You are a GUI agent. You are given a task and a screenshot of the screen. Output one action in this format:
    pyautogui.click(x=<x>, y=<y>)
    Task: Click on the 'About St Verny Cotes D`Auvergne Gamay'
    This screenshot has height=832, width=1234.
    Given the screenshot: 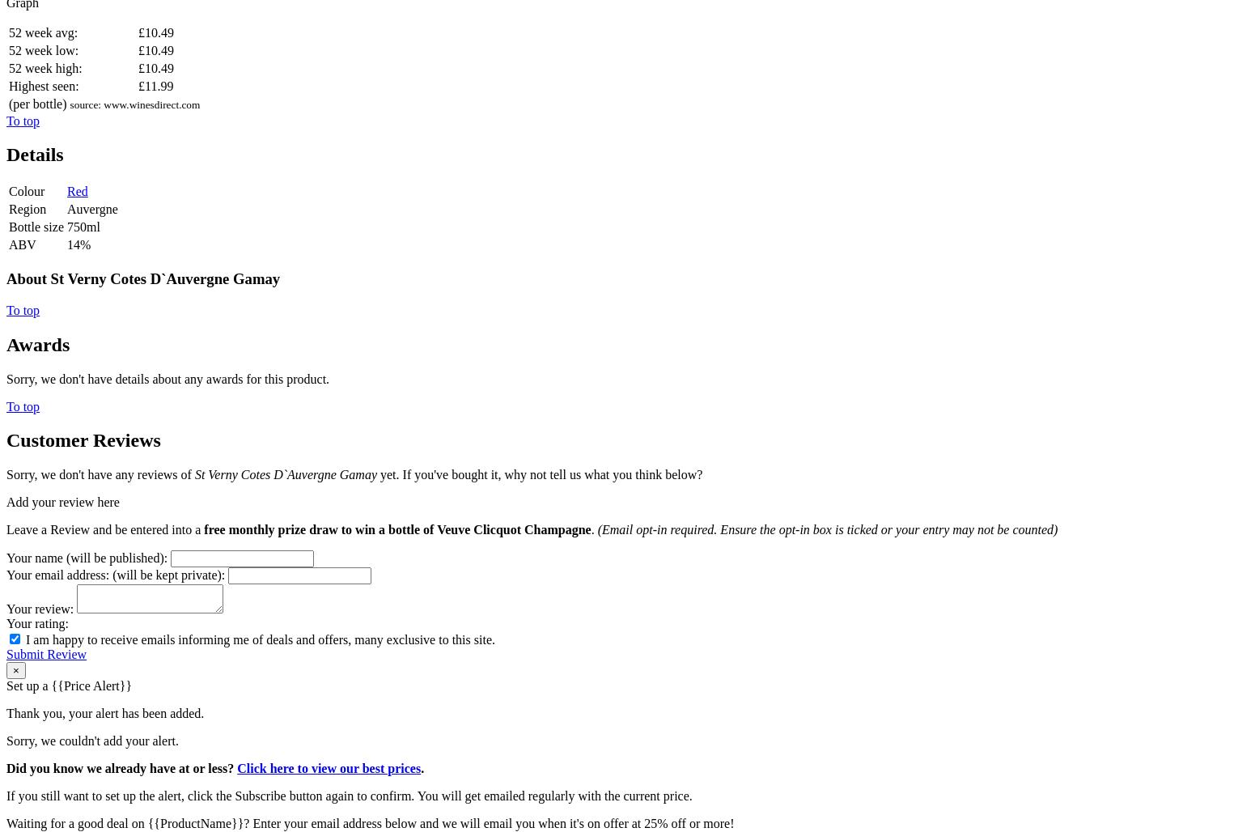 What is the action you would take?
    pyautogui.click(x=143, y=278)
    